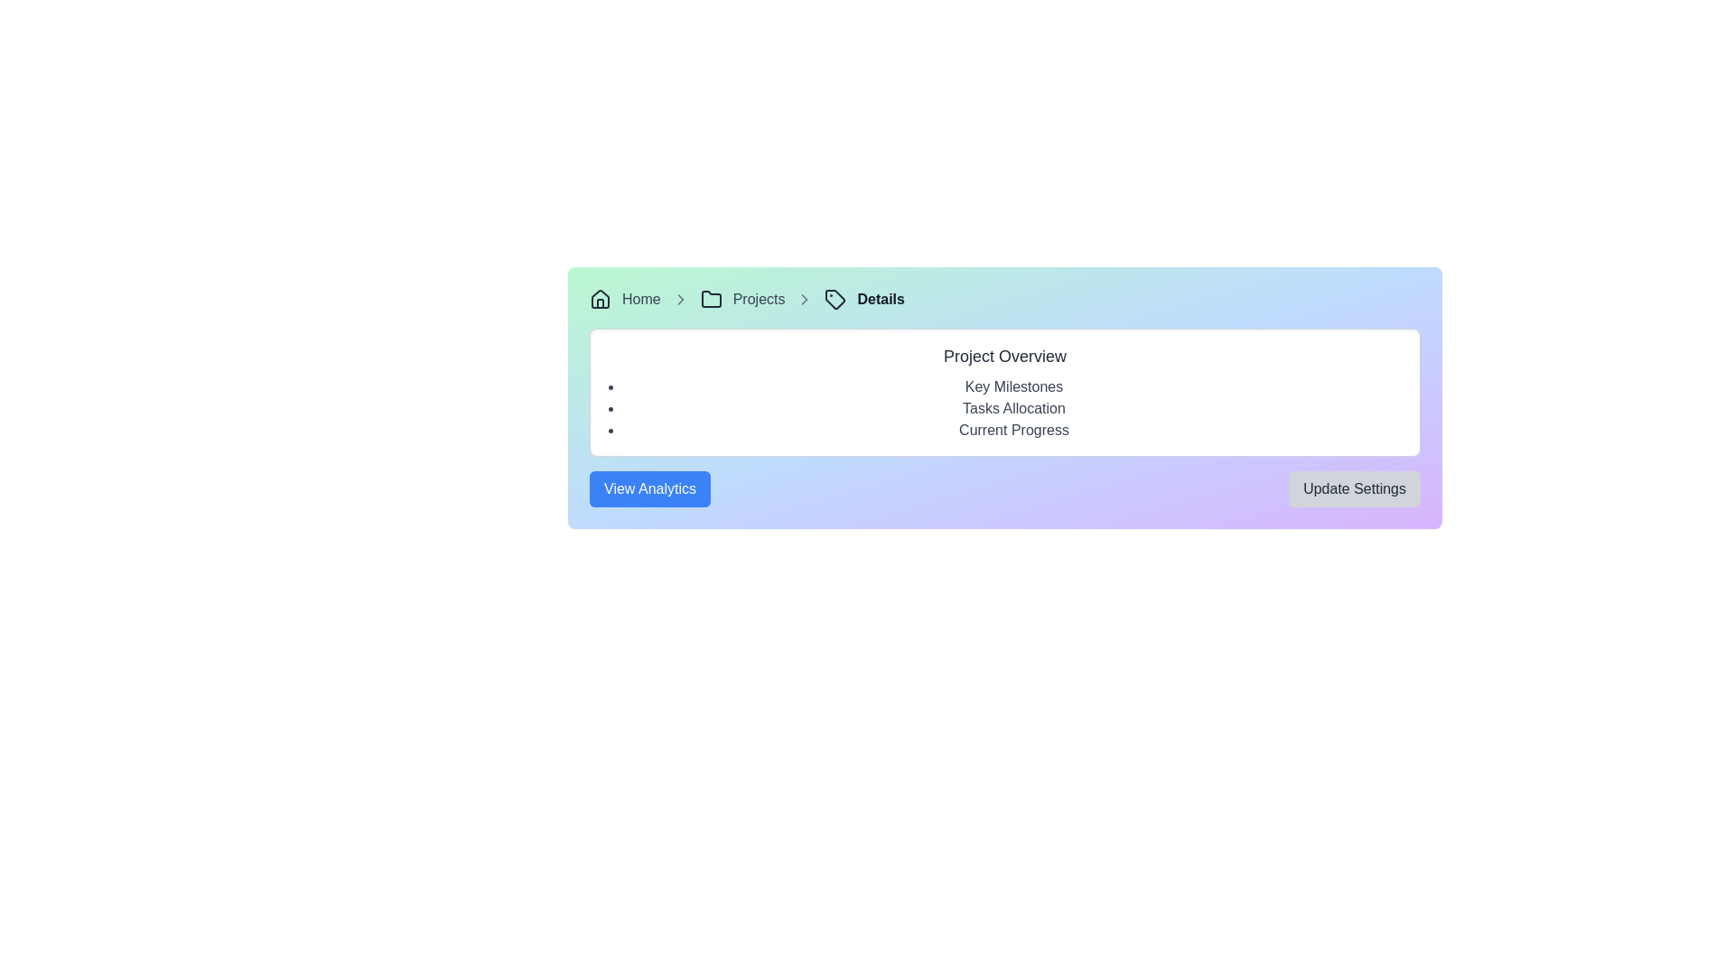  What do you see at coordinates (601, 298) in the screenshot?
I see `the house-shaped icon located at the start of the breadcrumb navigation bar` at bounding box center [601, 298].